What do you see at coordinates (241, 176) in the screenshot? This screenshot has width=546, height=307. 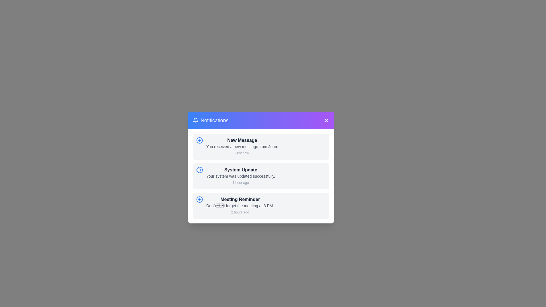 I see `the Text Label which indicates that the system update was completed successfully, located in the notification panel below the headline 'System Update' and above the timestamp '1 hour ago'` at bounding box center [241, 176].